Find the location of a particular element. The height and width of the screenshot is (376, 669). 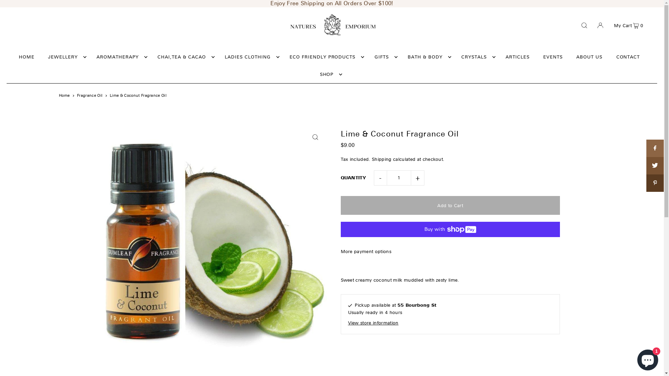

'Shipping' is located at coordinates (381, 159).